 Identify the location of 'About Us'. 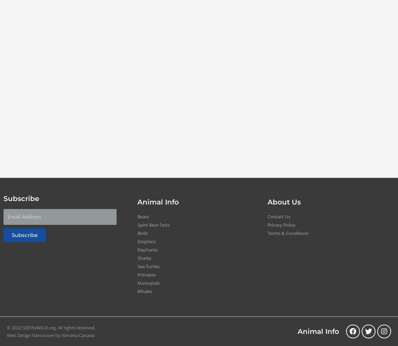
(283, 202).